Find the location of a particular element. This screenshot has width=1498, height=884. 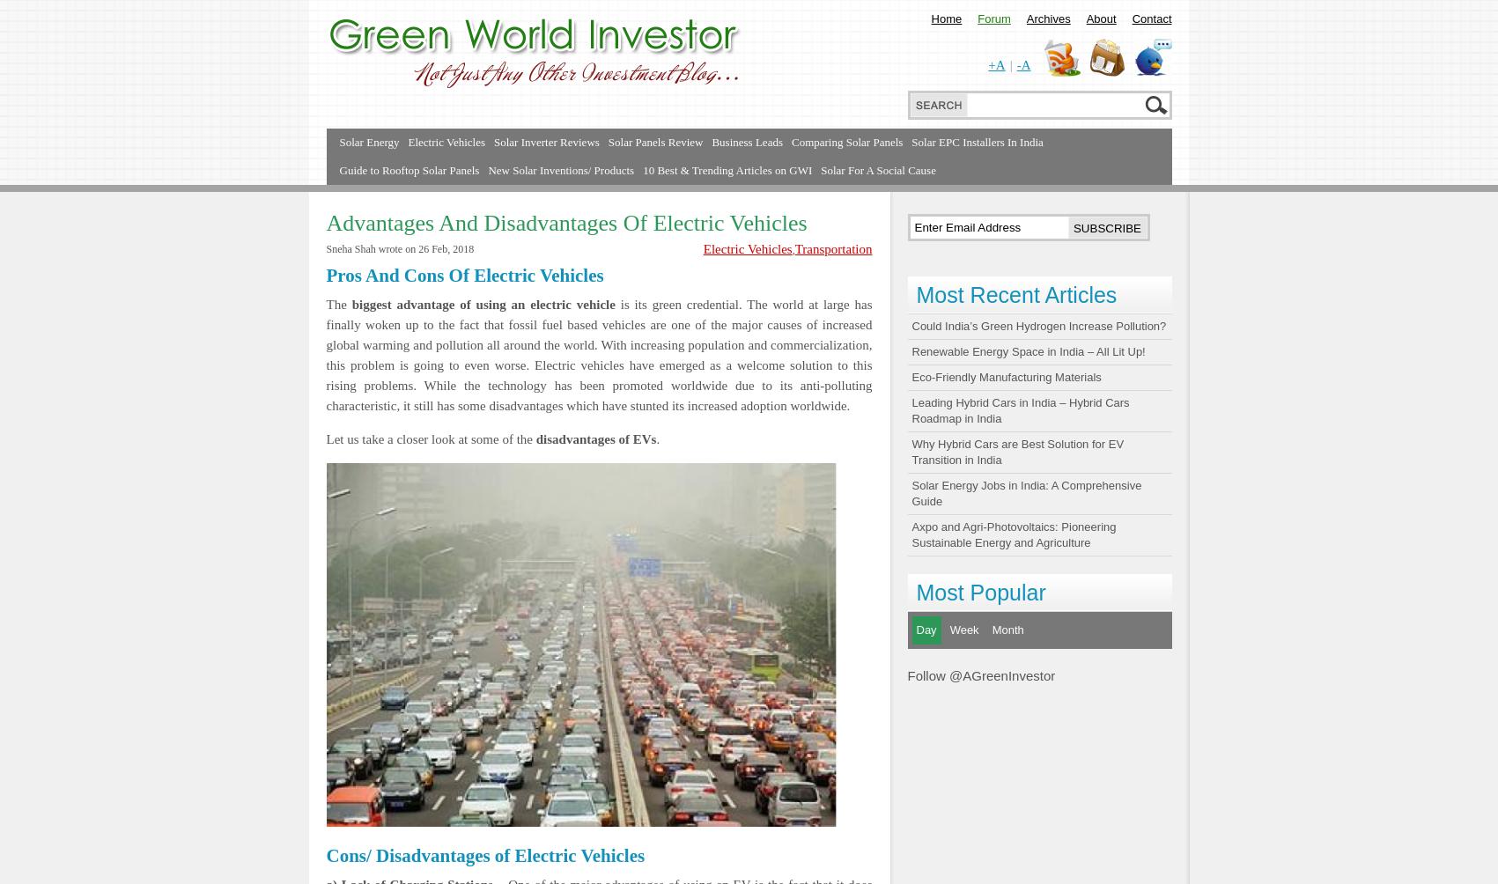

',' is located at coordinates (792, 250).